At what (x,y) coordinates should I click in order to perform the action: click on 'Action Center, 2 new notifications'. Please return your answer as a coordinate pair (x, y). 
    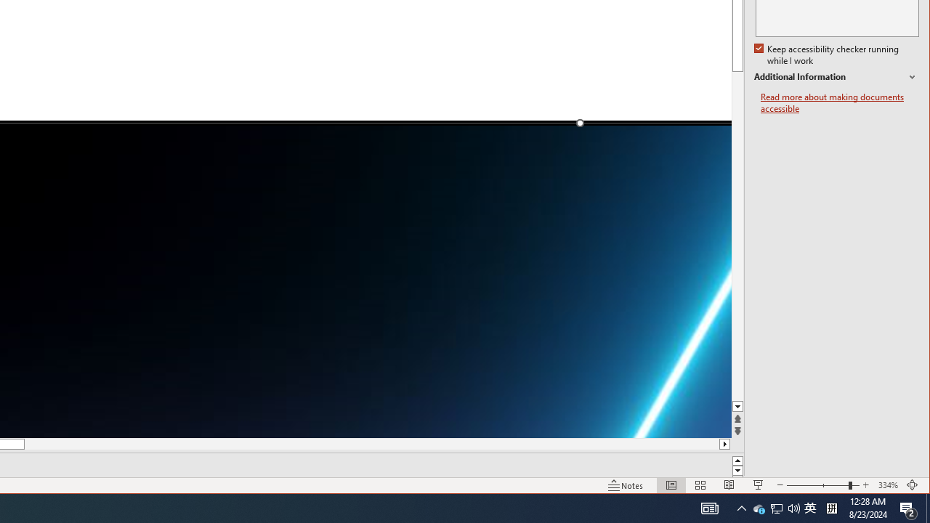
    Looking at the image, I should click on (908, 507).